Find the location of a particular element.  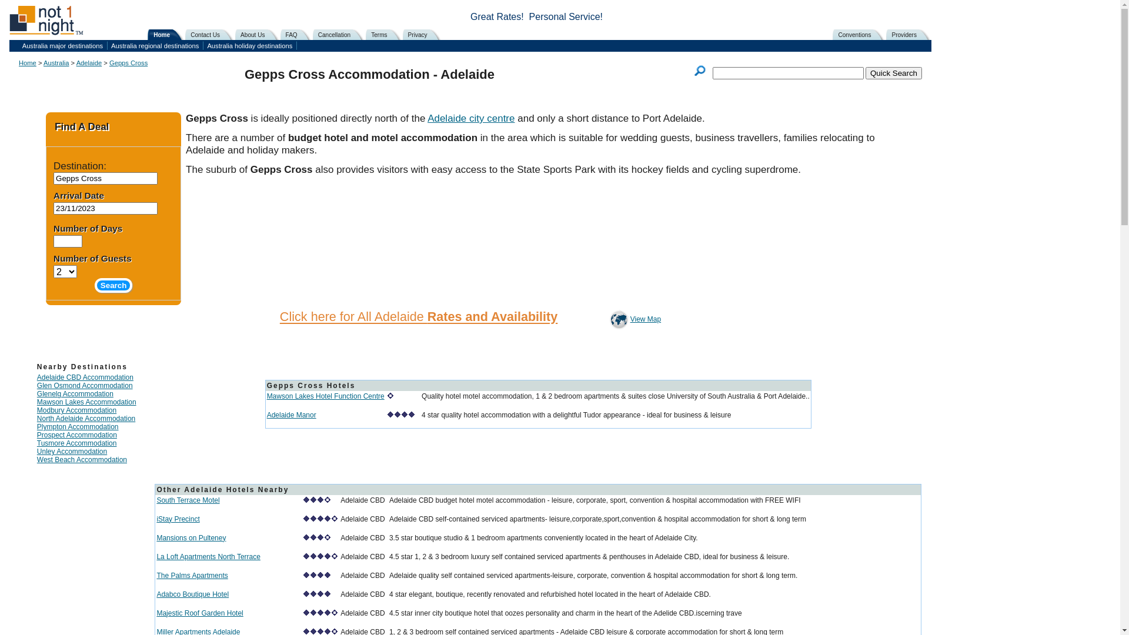

'Modbury Accommodation' is located at coordinates (76, 410).